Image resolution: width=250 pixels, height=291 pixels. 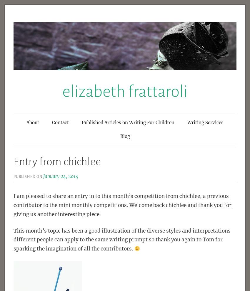 I want to click on 'Writing Services', so click(x=205, y=122).